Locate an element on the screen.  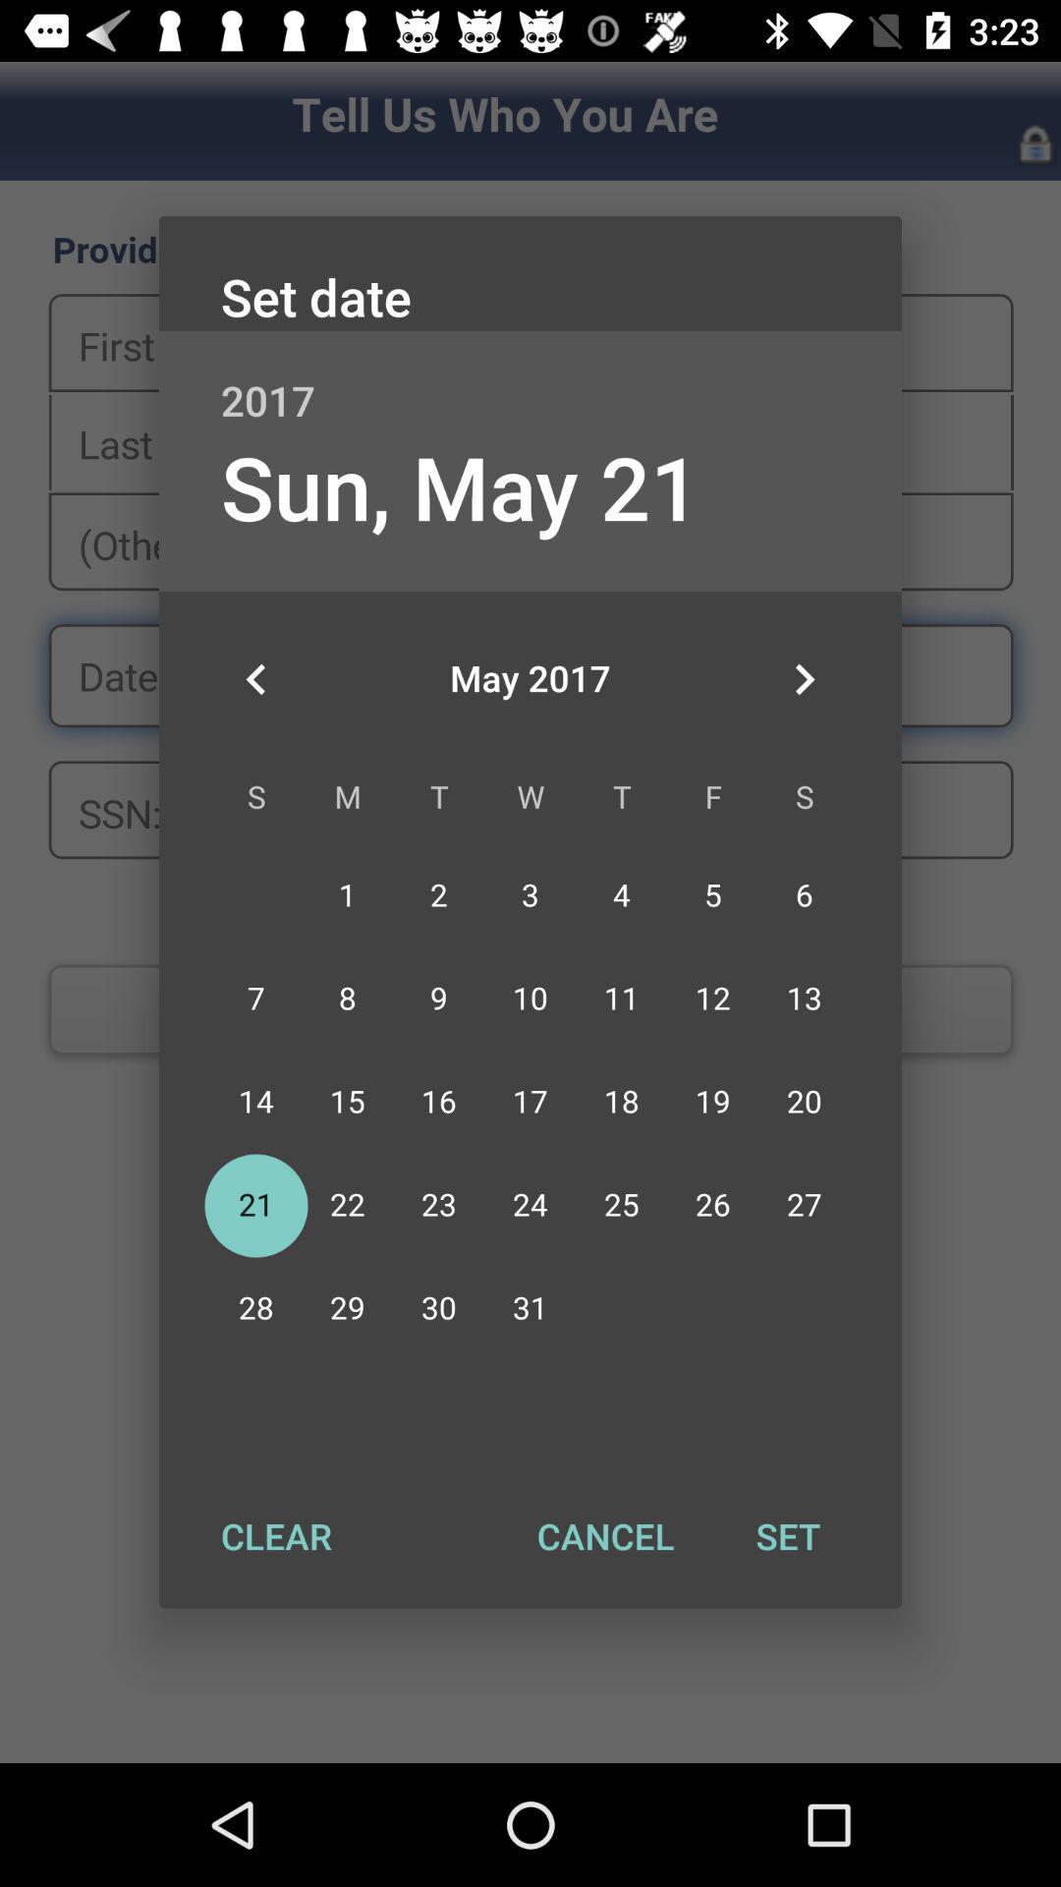
cancel at the bottom is located at coordinates (604, 1535).